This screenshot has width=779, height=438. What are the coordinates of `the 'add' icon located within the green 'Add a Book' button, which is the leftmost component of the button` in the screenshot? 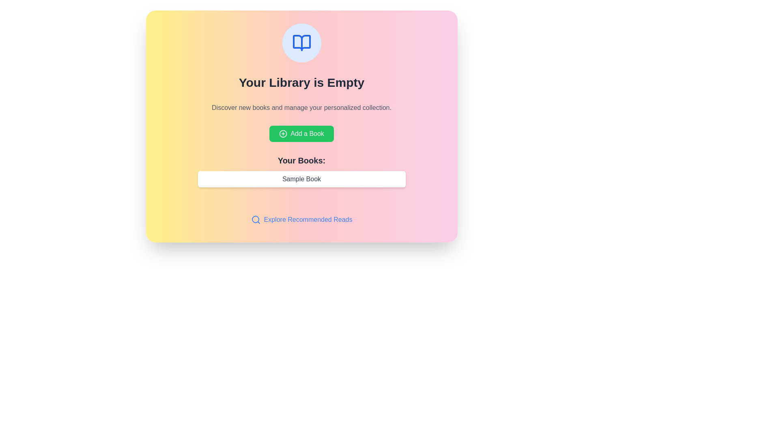 It's located at (283, 133).